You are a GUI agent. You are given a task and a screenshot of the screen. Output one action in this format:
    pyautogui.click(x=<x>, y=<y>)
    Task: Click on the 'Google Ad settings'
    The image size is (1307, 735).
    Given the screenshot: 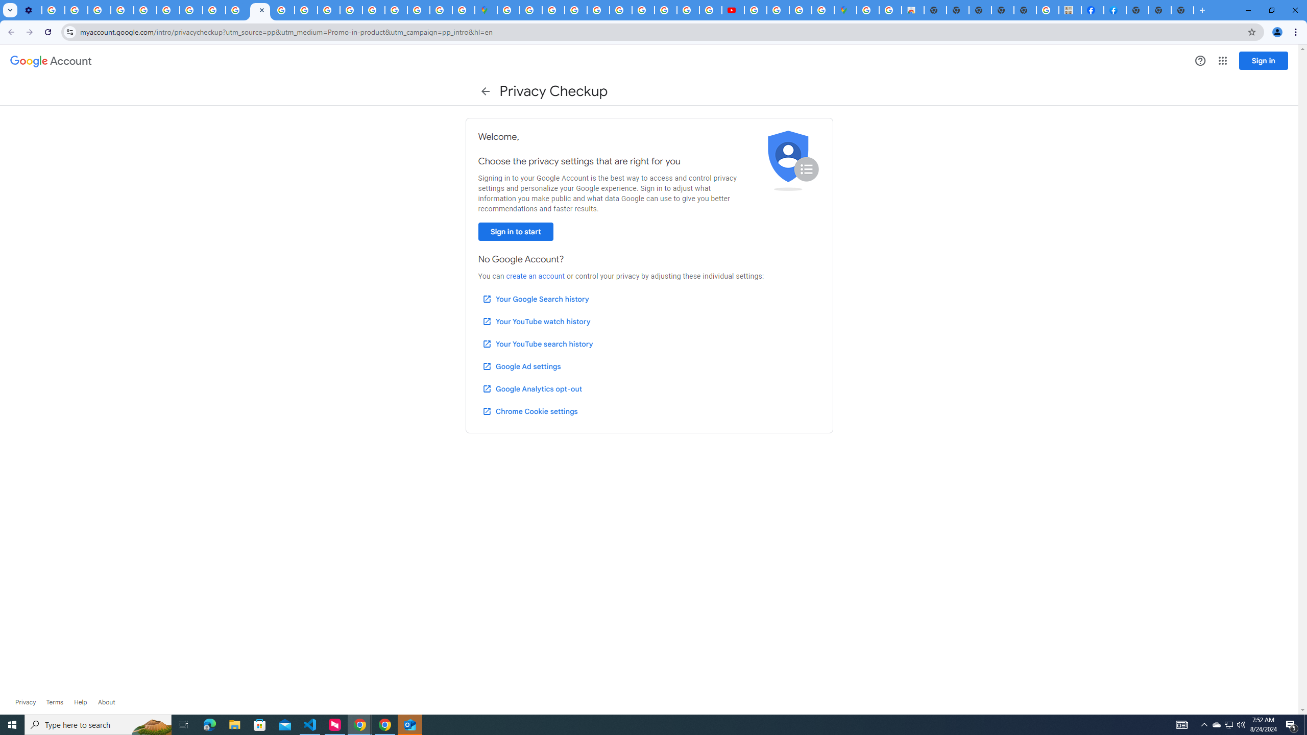 What is the action you would take?
    pyautogui.click(x=521, y=365)
    